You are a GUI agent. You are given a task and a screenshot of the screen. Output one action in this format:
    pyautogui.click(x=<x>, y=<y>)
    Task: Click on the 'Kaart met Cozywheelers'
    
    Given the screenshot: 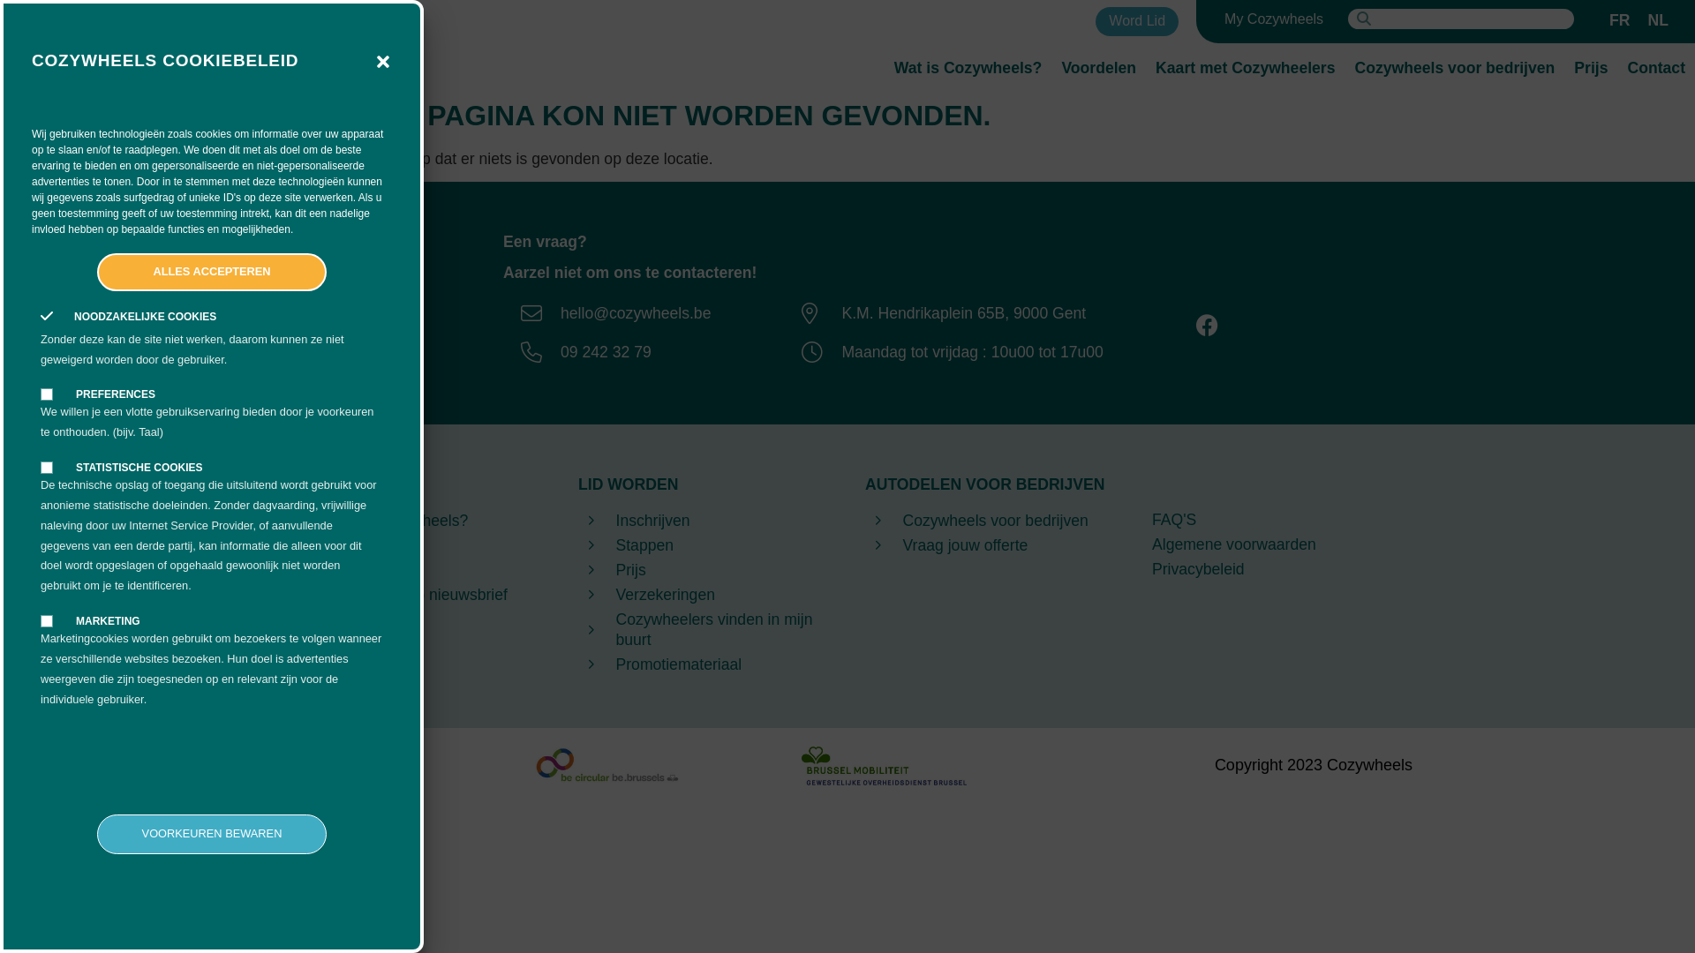 What is the action you would take?
    pyautogui.click(x=1145, y=67)
    